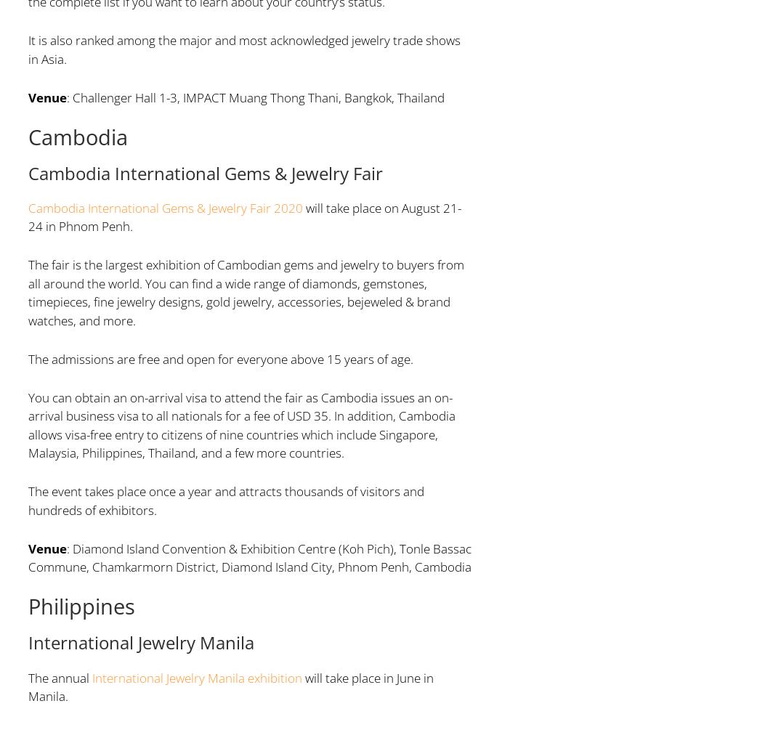 This screenshot has width=773, height=730. I want to click on 'You can obtain an on-arrival visa to attend the fair as Cambodia issues an on-arrival business visa to all nationals for a fee of USD 35. In addition, Cambodia allows visa-free entry to citizens of nine countries which include Singapore, Malaysia, Philippines, Thailand, and a few more countries.', so click(240, 424).